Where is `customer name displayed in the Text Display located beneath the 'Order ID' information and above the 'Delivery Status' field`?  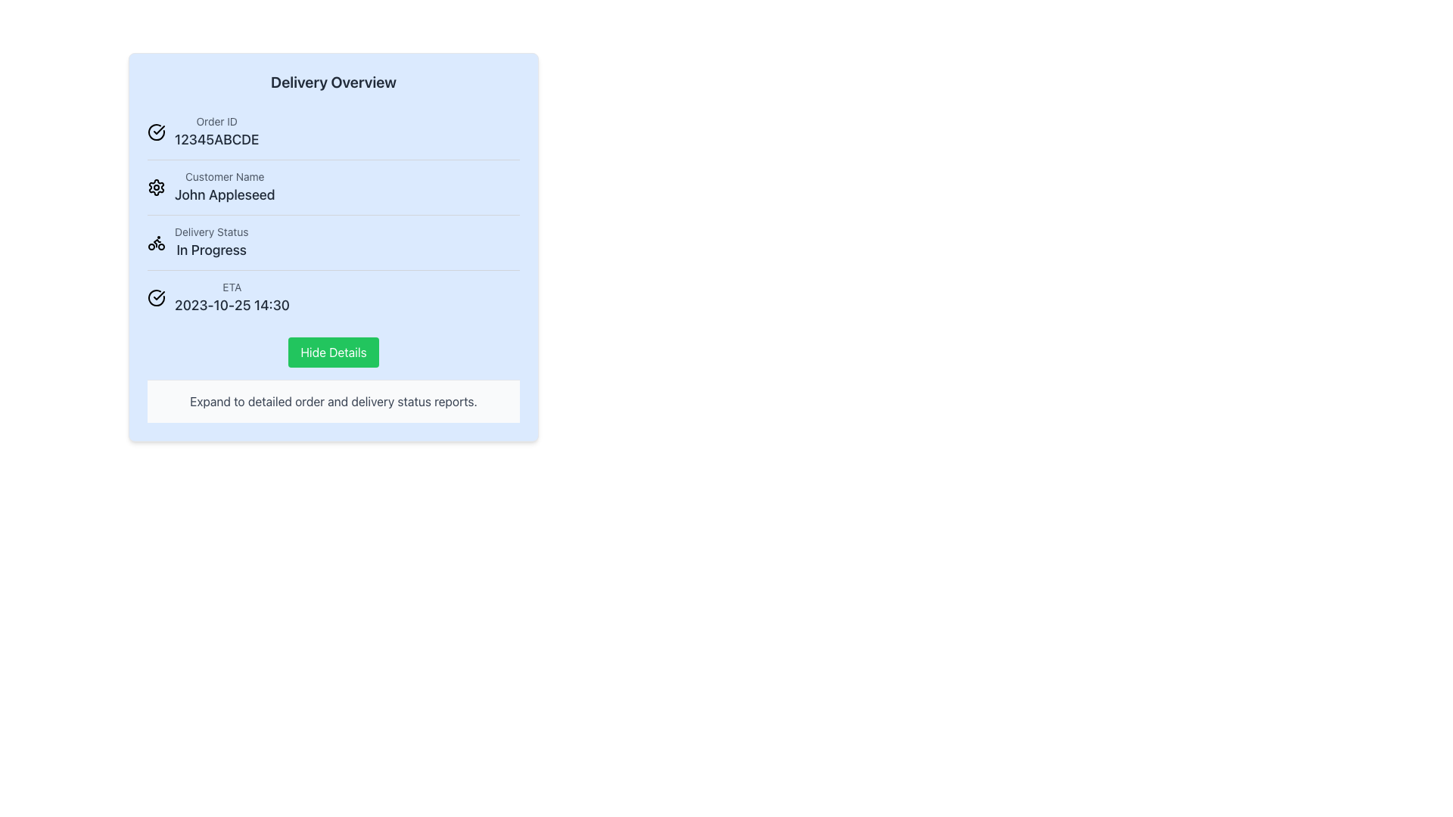
customer name displayed in the Text Display located beneath the 'Order ID' information and above the 'Delivery Status' field is located at coordinates (224, 186).